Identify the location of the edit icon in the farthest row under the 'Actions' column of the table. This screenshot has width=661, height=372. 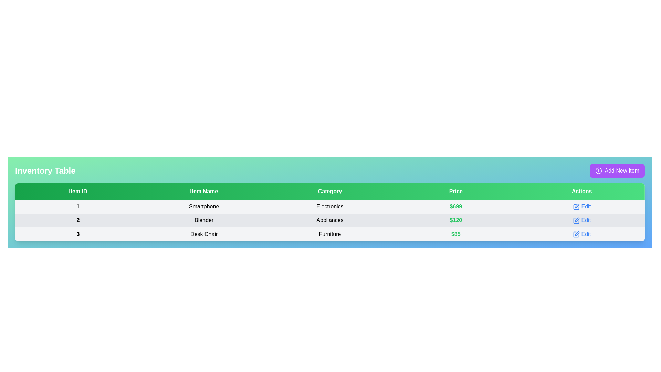
(576, 234).